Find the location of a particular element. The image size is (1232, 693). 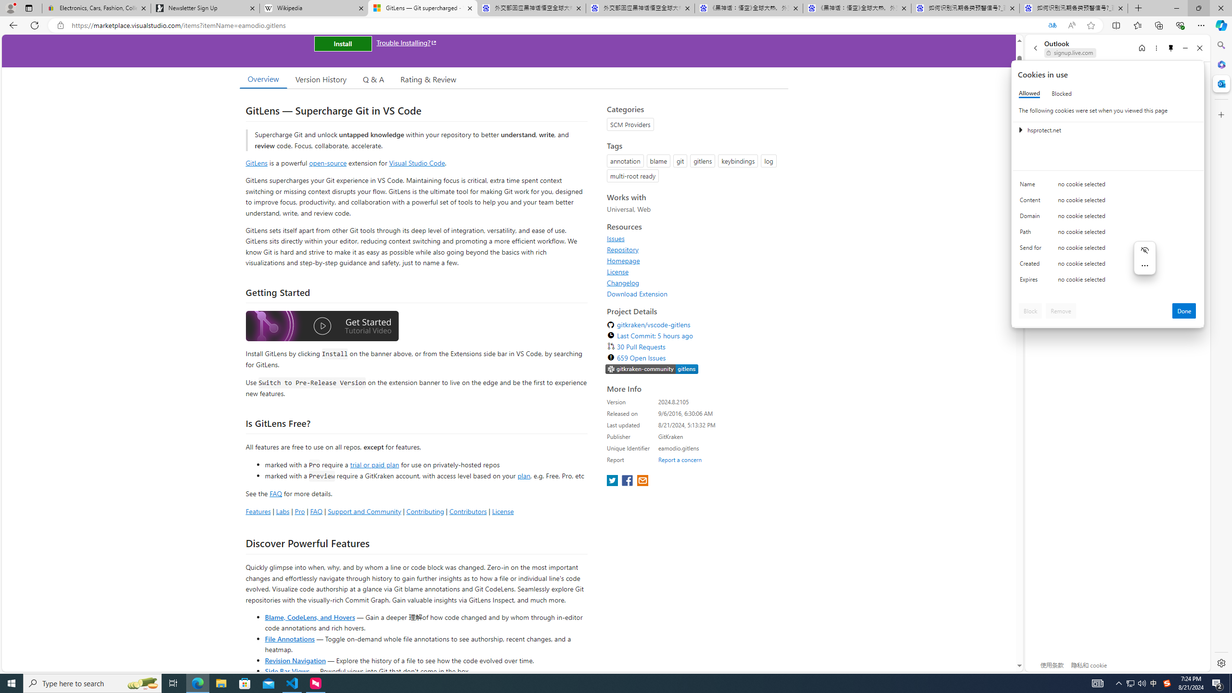

'Block' is located at coordinates (1030, 311).